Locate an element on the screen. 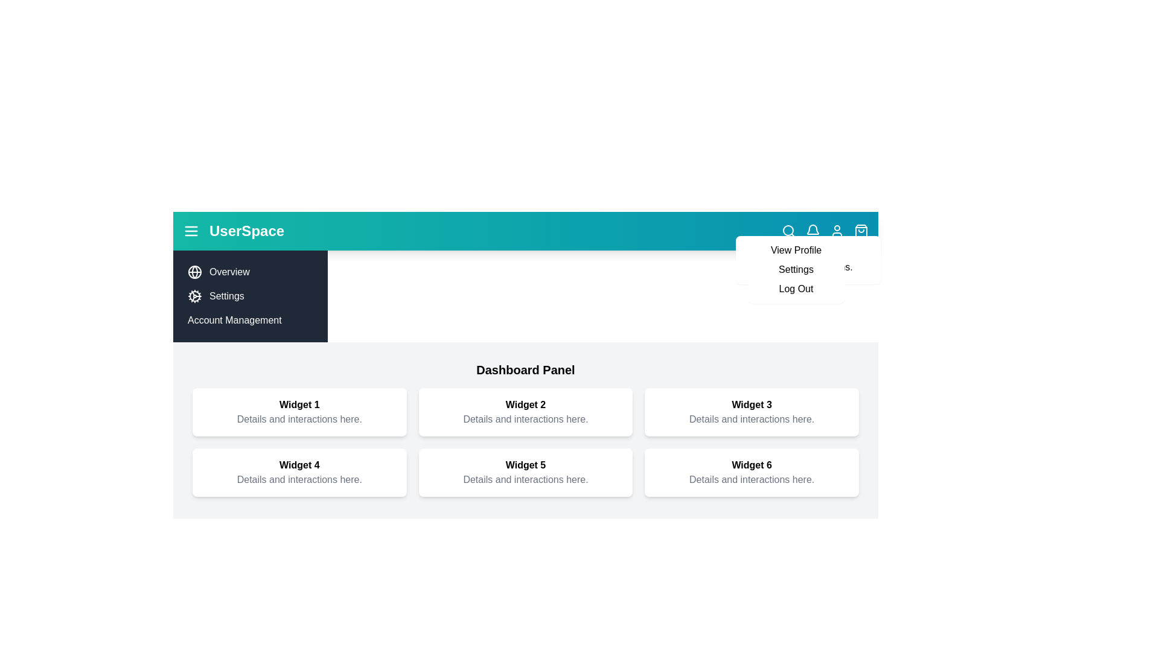  the 'Settings' item in the dropdown menu is located at coordinates (796, 269).